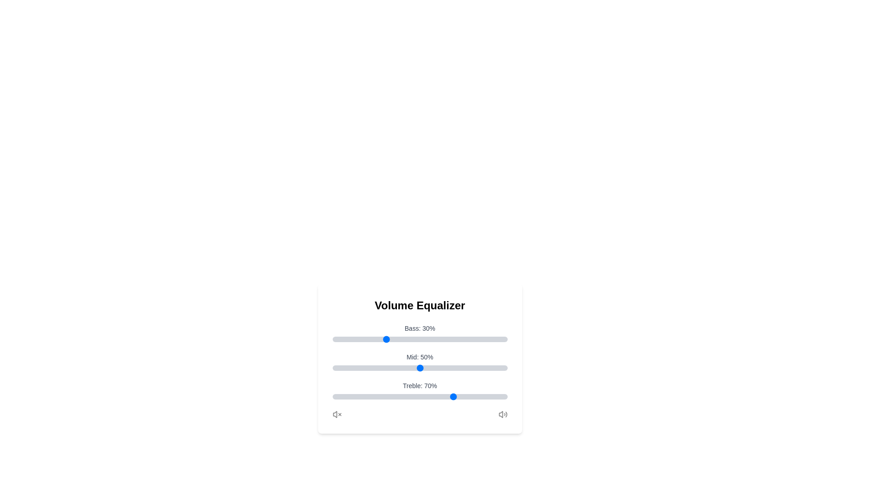 This screenshot has width=875, height=492. What do you see at coordinates (414, 339) in the screenshot?
I see `the Bass slider to set its value to 47` at bounding box center [414, 339].